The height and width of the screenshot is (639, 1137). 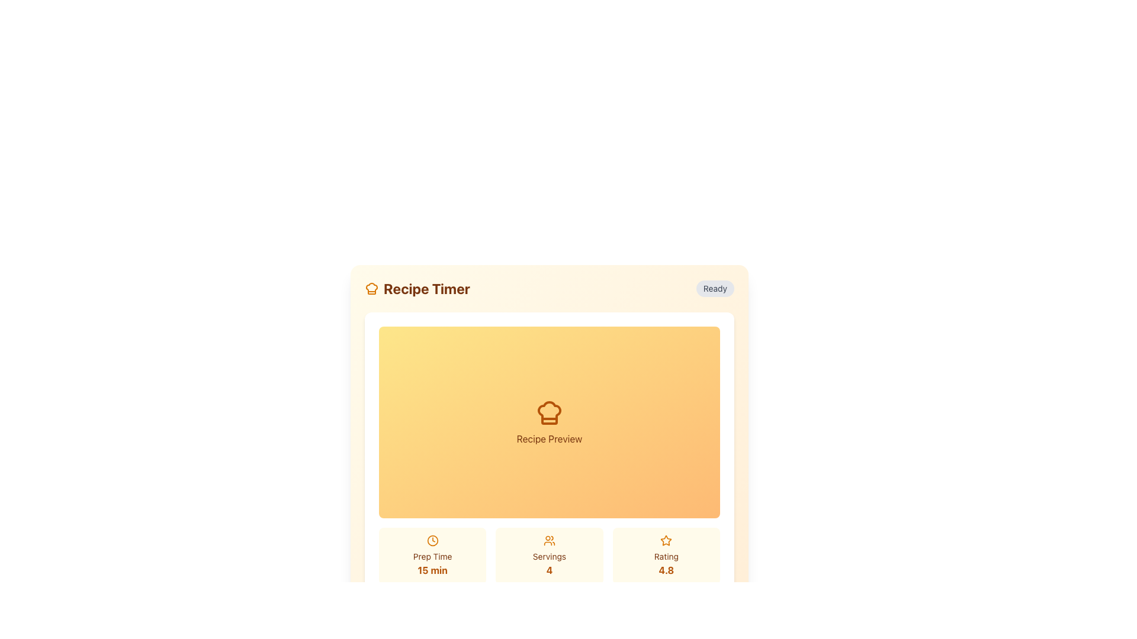 What do you see at coordinates (548, 556) in the screenshot?
I see `the Informational card that provides information about the number of servings associated with the displayed recipe, located in the center of a horizontal row beneath the 'Recipe Preview' section` at bounding box center [548, 556].